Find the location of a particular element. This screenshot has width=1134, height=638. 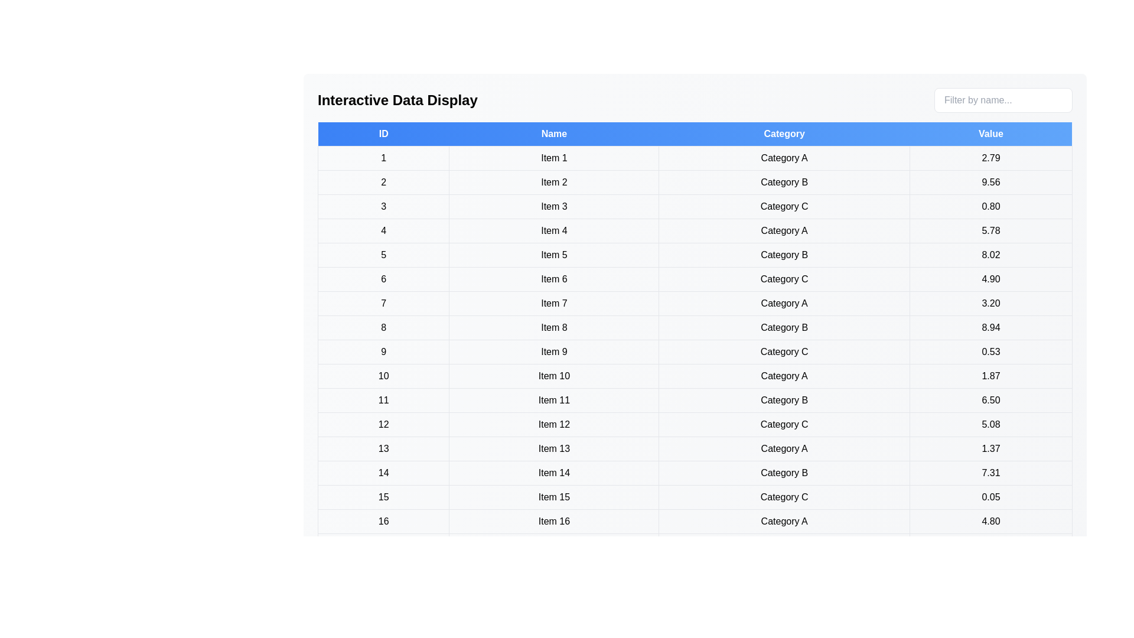

the table header to sort the table by Category is located at coordinates (784, 134).